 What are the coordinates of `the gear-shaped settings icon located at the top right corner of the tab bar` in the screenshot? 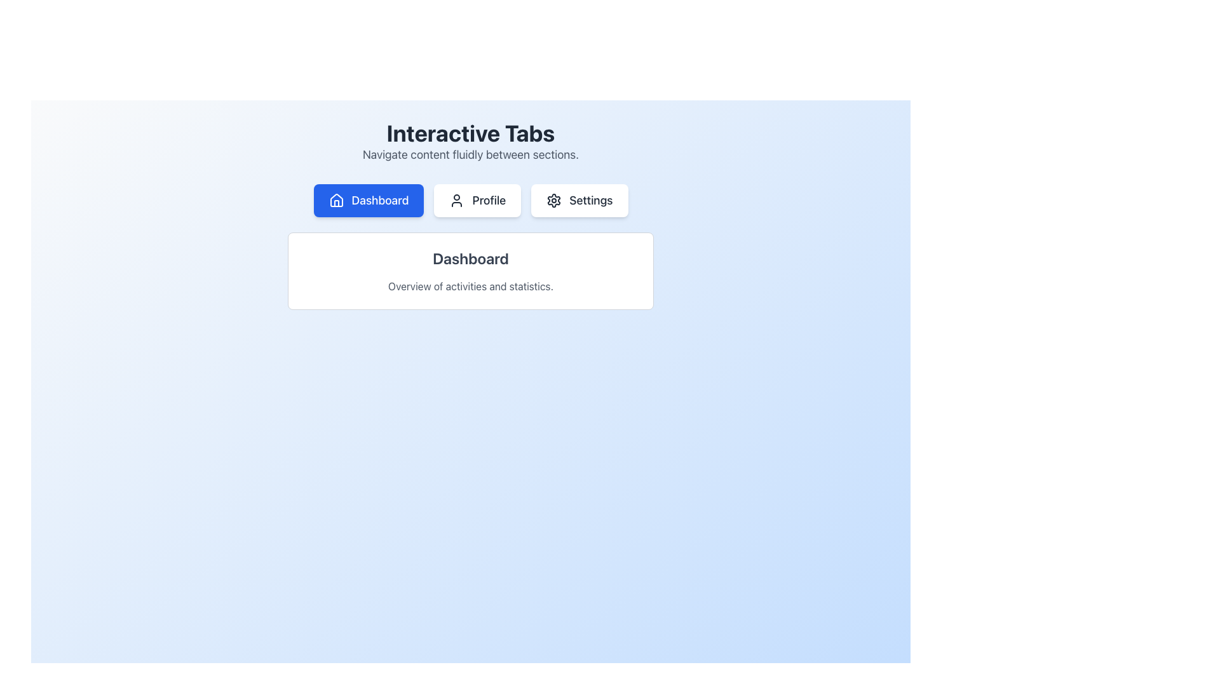 It's located at (554, 200).